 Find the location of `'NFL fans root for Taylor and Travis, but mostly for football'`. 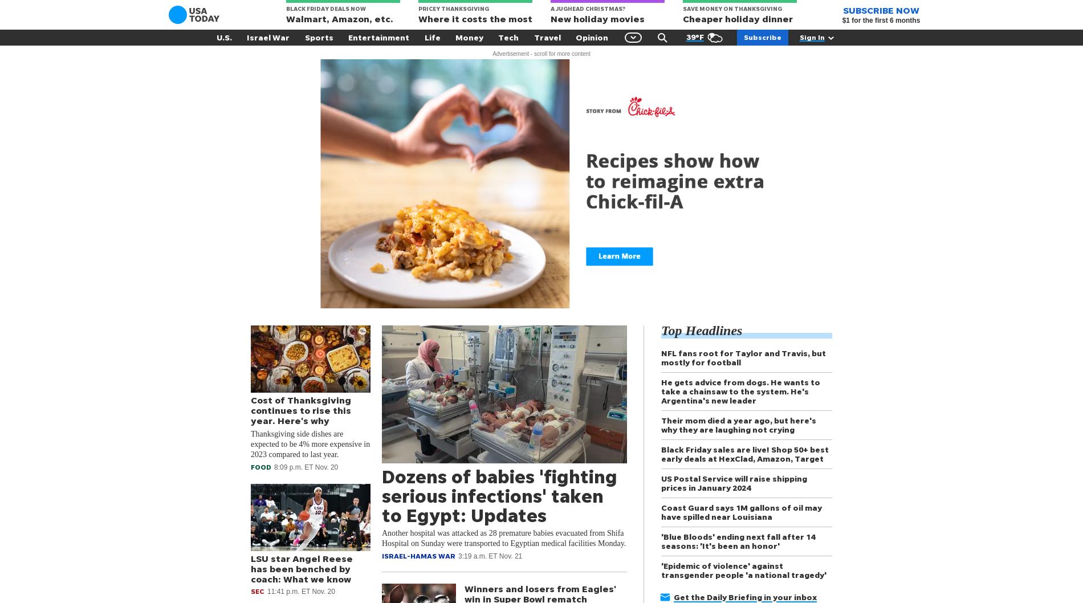

'NFL fans root for Taylor and Travis, but mostly for football' is located at coordinates (743, 357).